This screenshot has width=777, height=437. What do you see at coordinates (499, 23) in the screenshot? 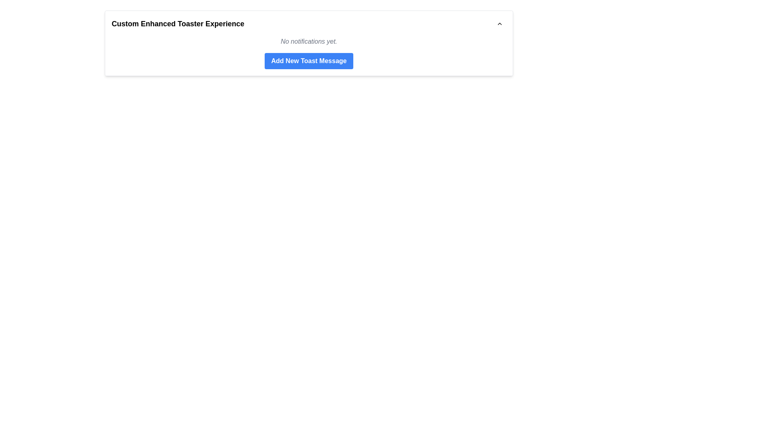
I see `the upward-pointing chevron icon located on the far right side of the header bar labeled 'Custom Enhanced Toaster Experience'` at bounding box center [499, 23].